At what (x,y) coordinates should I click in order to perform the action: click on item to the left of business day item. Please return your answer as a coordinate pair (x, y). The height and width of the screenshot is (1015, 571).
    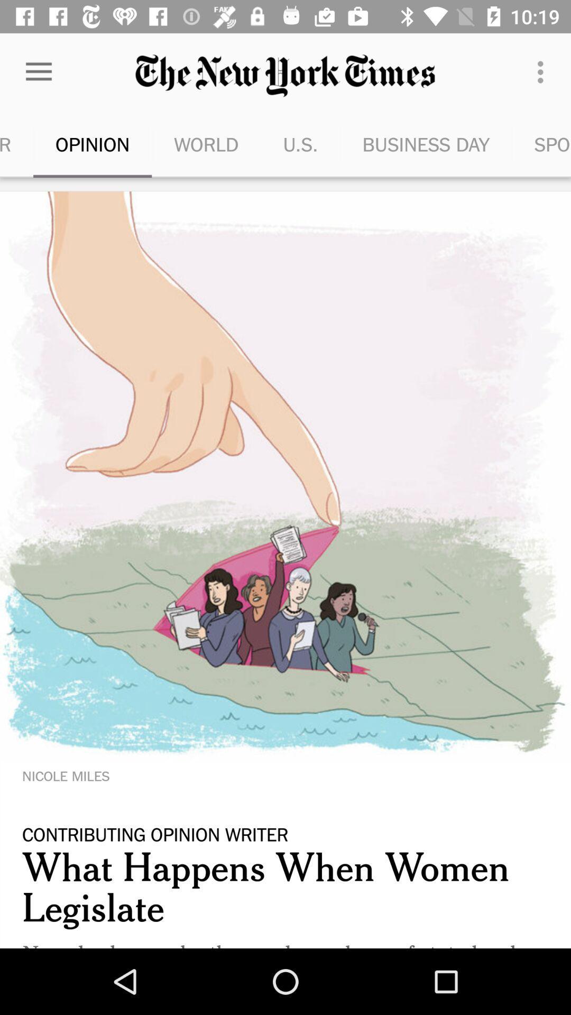
    Looking at the image, I should click on (300, 144).